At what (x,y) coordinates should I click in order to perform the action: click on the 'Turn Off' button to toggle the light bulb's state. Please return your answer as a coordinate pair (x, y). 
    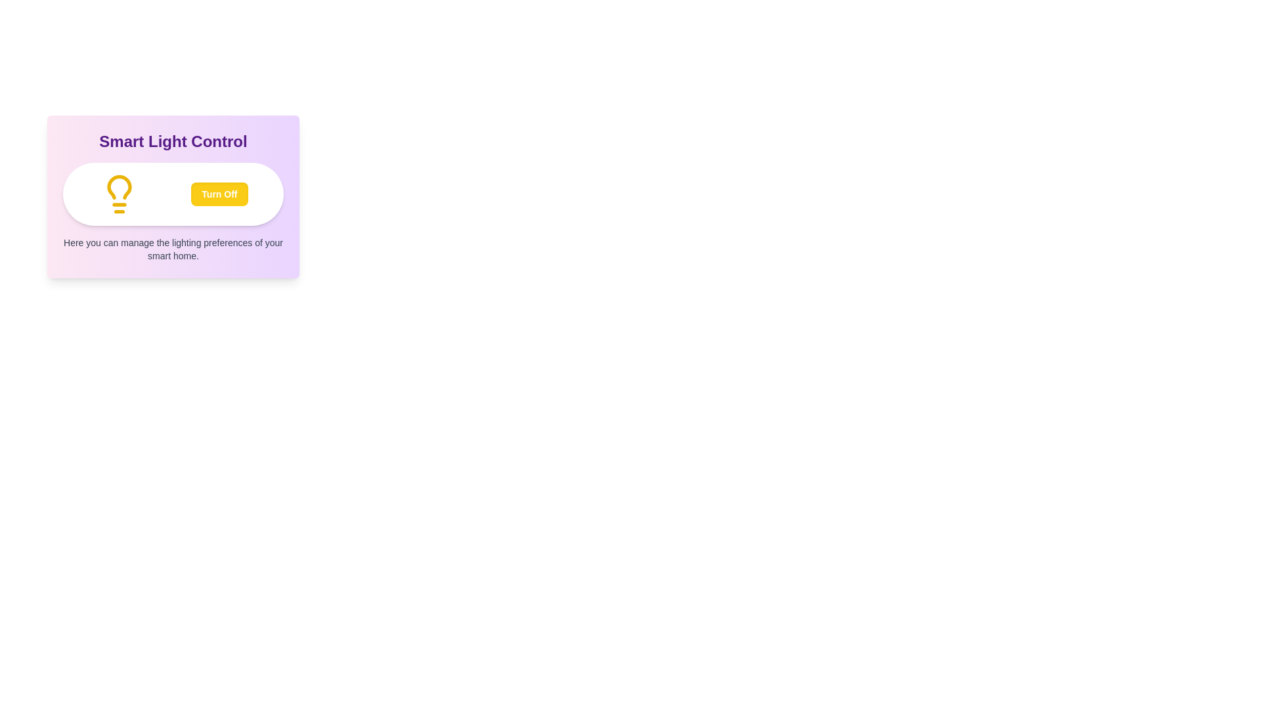
    Looking at the image, I should click on (219, 194).